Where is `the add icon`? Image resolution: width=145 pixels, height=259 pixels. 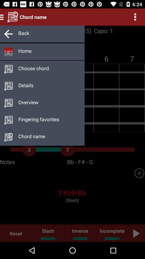 the add icon is located at coordinates (139, 173).